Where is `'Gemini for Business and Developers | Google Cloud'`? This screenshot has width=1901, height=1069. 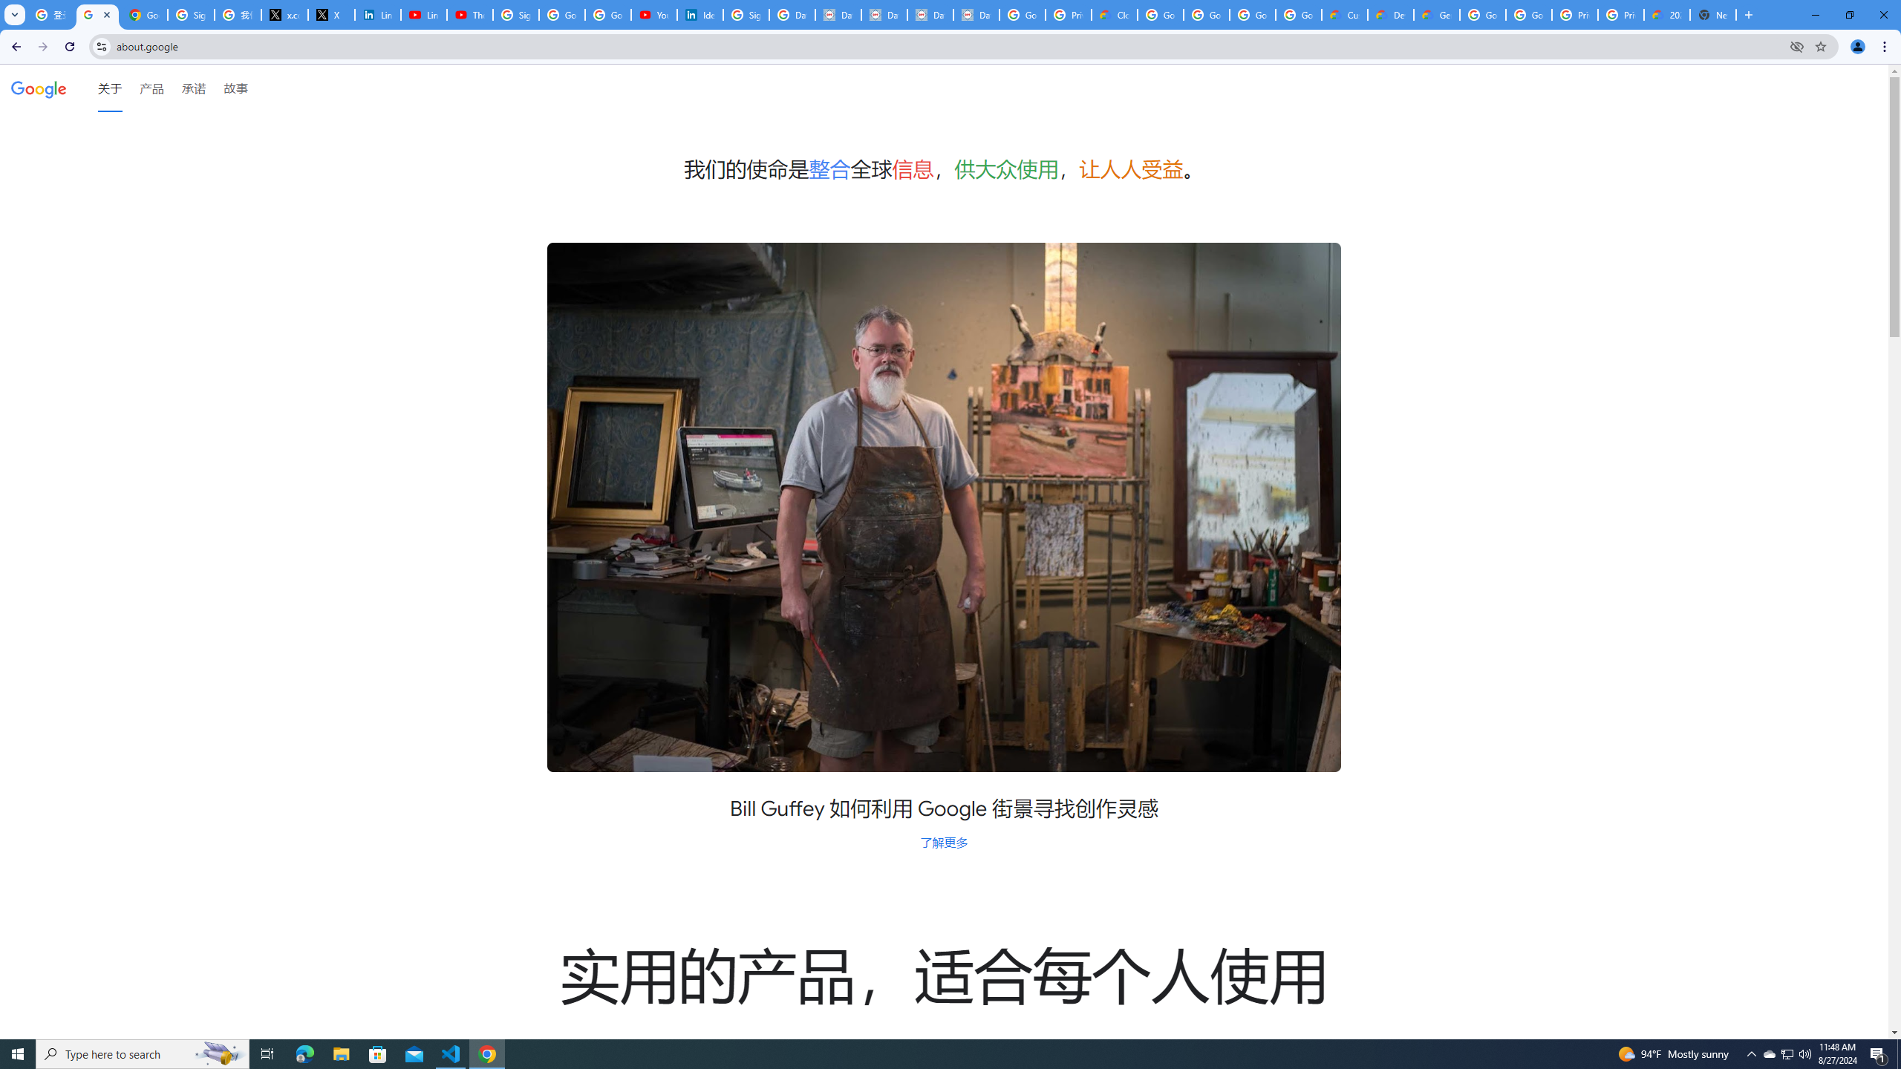
'Gemini for Business and Developers | Google Cloud' is located at coordinates (1435, 14).